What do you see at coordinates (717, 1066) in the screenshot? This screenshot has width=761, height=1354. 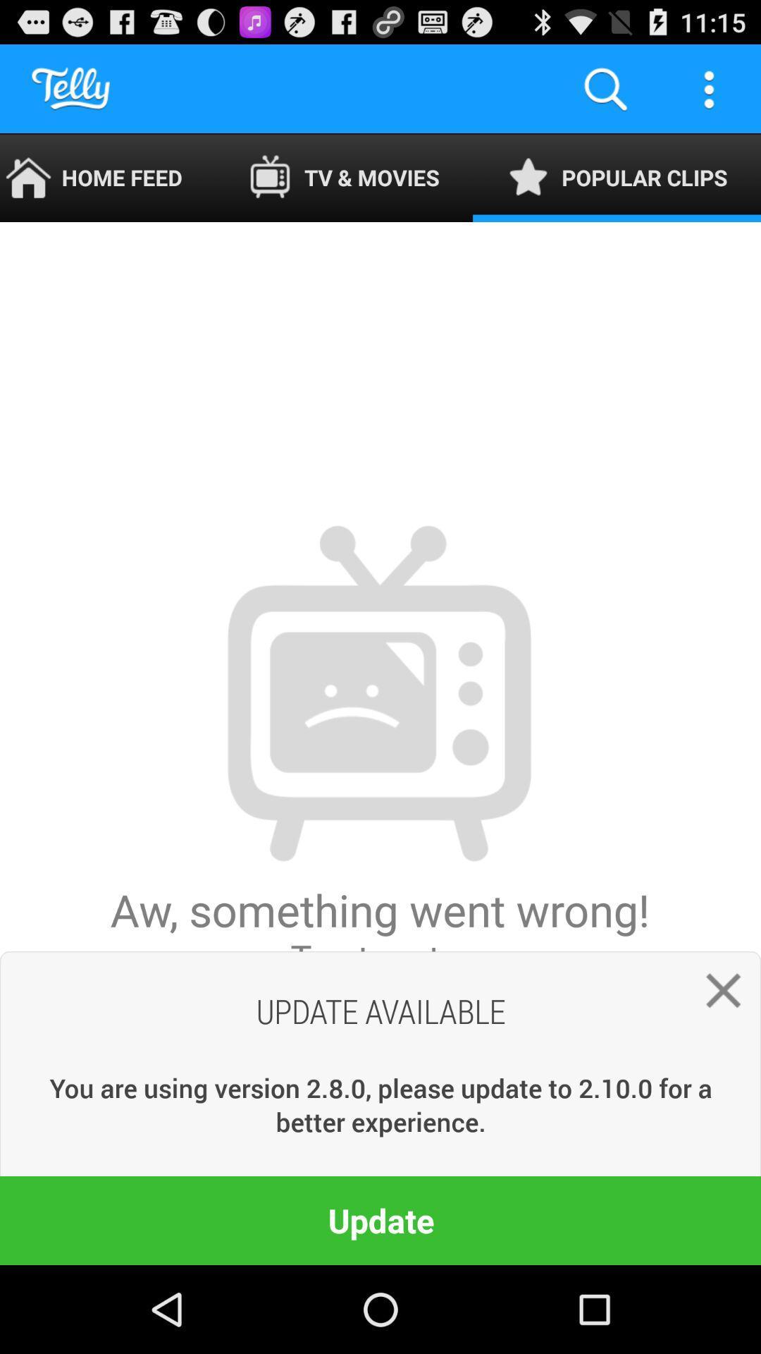 I see `the close icon` at bounding box center [717, 1066].